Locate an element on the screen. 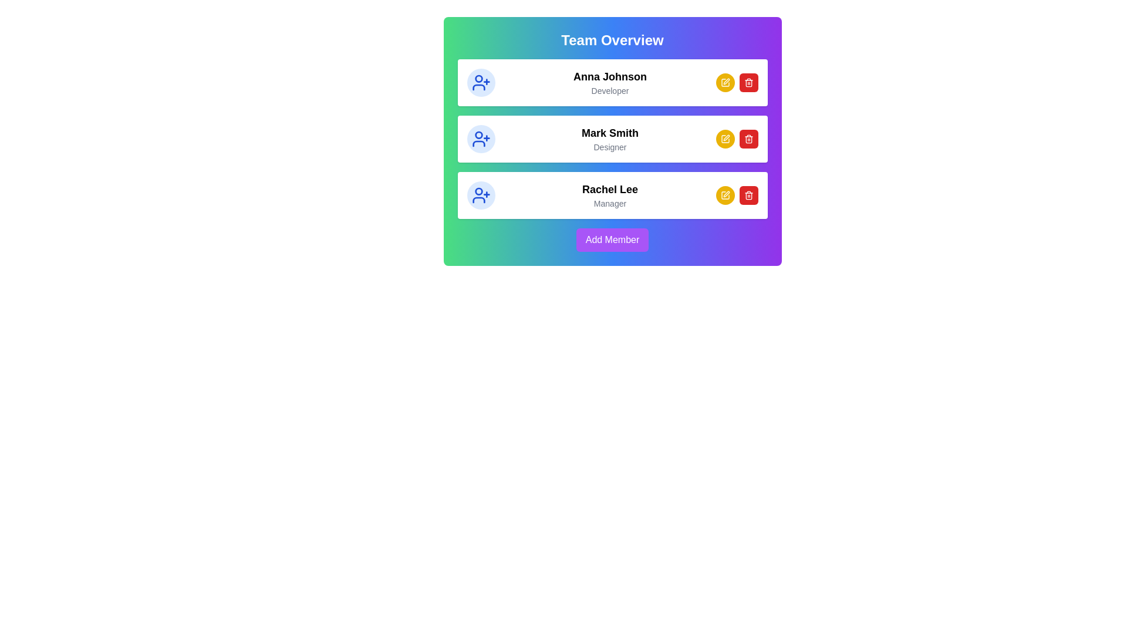  the trash bin icon, which represents the delete action in the user interface, located at the end of the icon sequence adjacent to team member information cards is located at coordinates (748, 195).